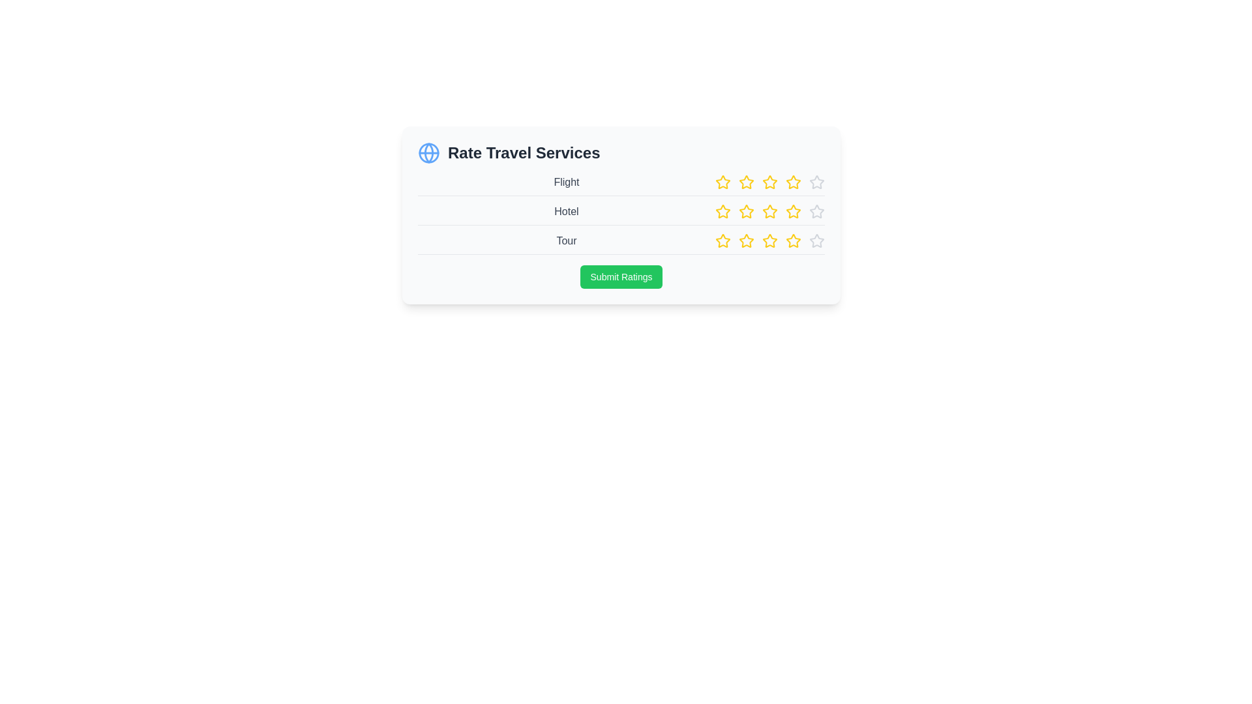 This screenshot has height=704, width=1252. I want to click on the Text Label that serves as the title or heading for the section related to rating travel-related services, located at the top-left of a card-like section, so click(524, 153).